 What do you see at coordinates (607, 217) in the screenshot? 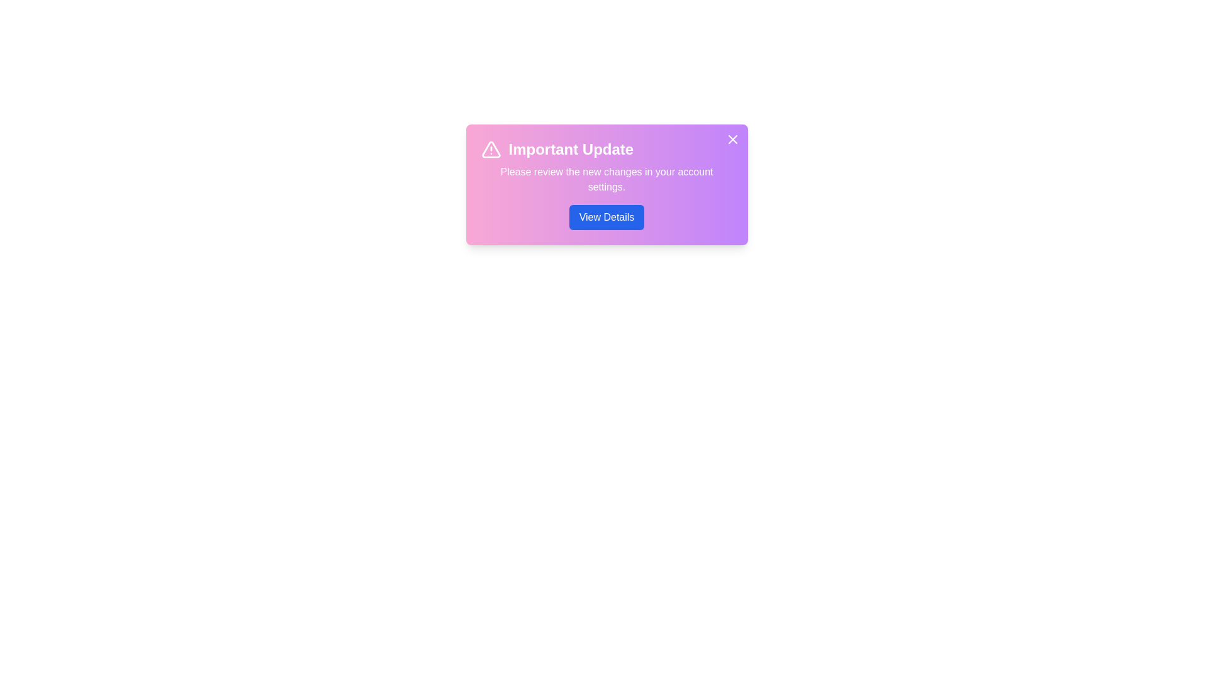
I see `the 'View Details' button to view more information about the update` at bounding box center [607, 217].